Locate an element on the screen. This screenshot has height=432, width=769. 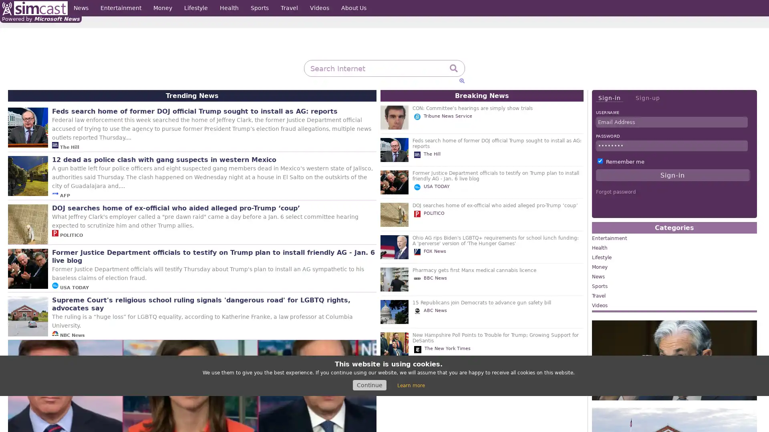
Sign-in is located at coordinates (609, 98).